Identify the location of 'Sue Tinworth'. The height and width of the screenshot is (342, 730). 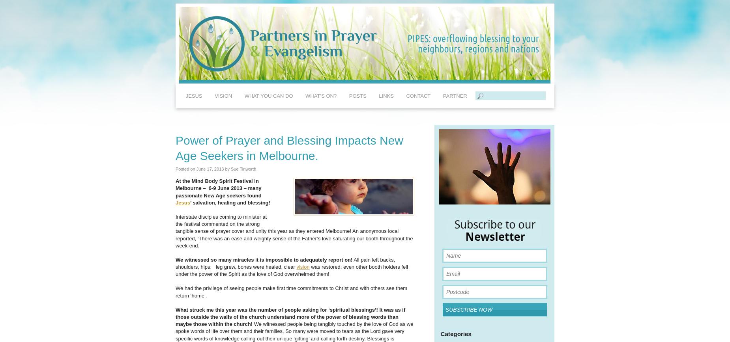
(230, 169).